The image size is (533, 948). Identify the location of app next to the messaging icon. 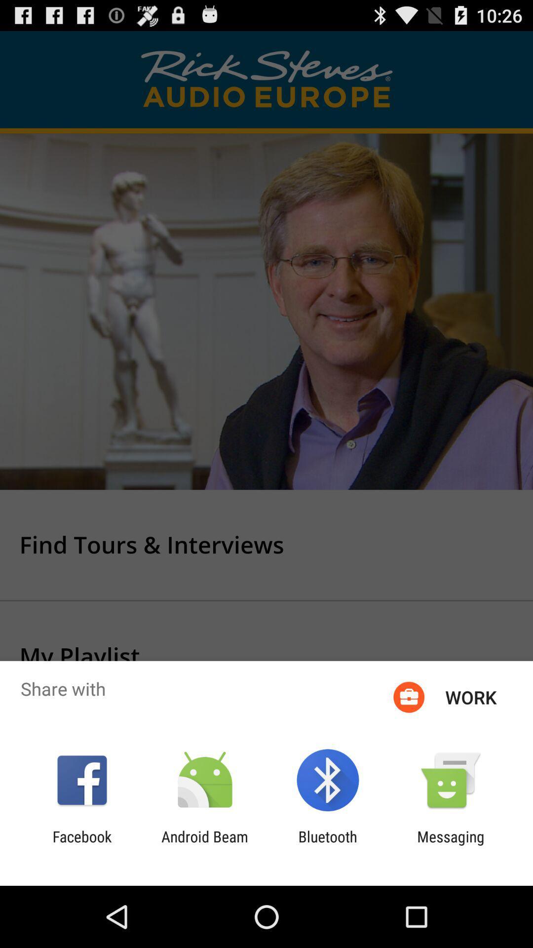
(328, 845).